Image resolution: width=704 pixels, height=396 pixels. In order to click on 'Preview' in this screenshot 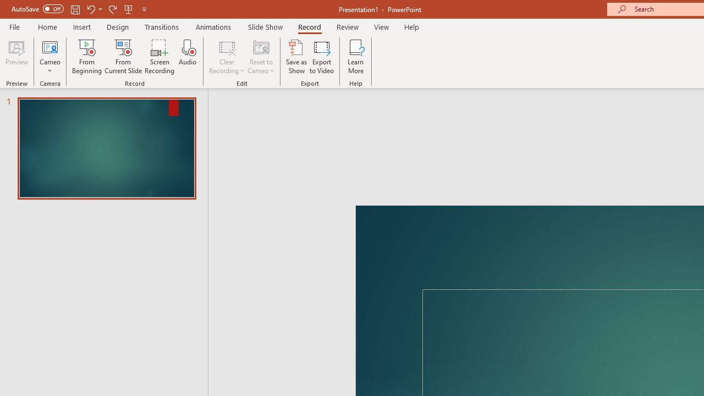, I will do `click(16, 57)`.